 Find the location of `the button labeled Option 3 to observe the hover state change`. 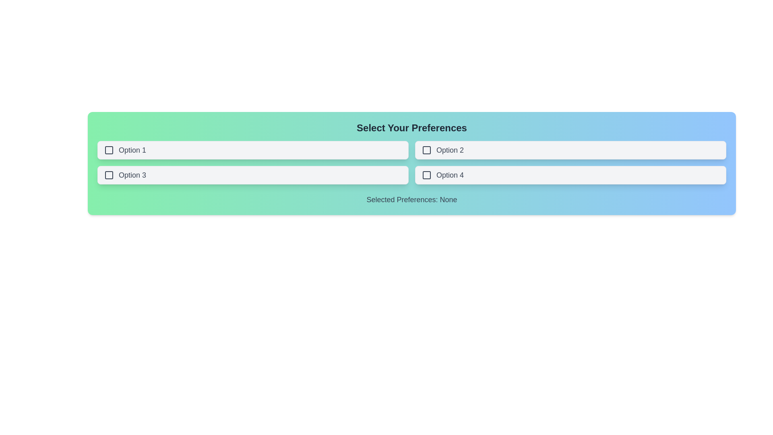

the button labeled Option 3 to observe the hover state change is located at coordinates (252, 175).